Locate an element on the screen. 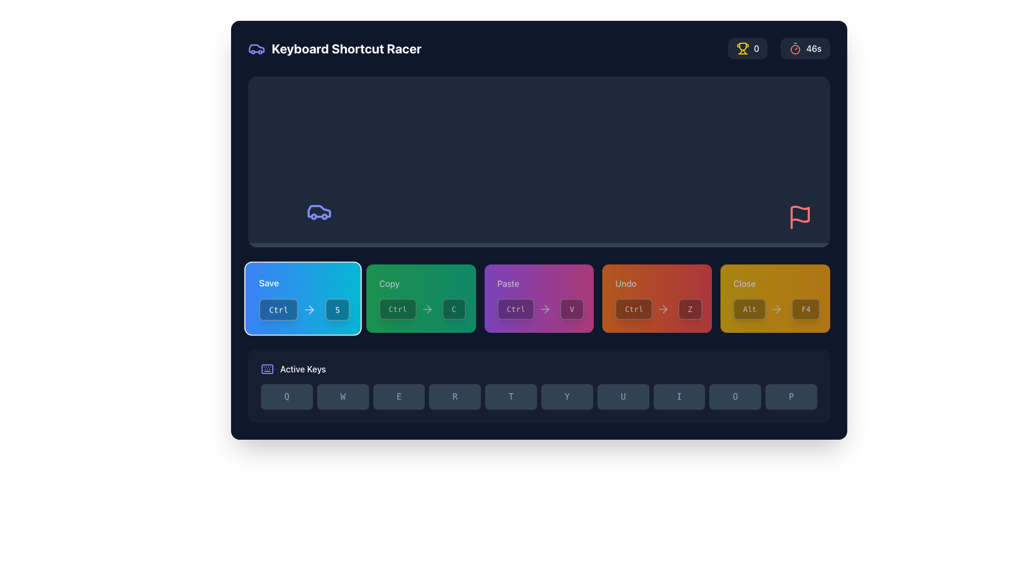 Image resolution: width=1027 pixels, height=577 pixels. the car icon, which is indigo with a smooth stroke outline and two circular strokes at the base for wheels, located to the left of the 'Keyboard Shortcut Racer' text in the header section is located at coordinates (257, 49).